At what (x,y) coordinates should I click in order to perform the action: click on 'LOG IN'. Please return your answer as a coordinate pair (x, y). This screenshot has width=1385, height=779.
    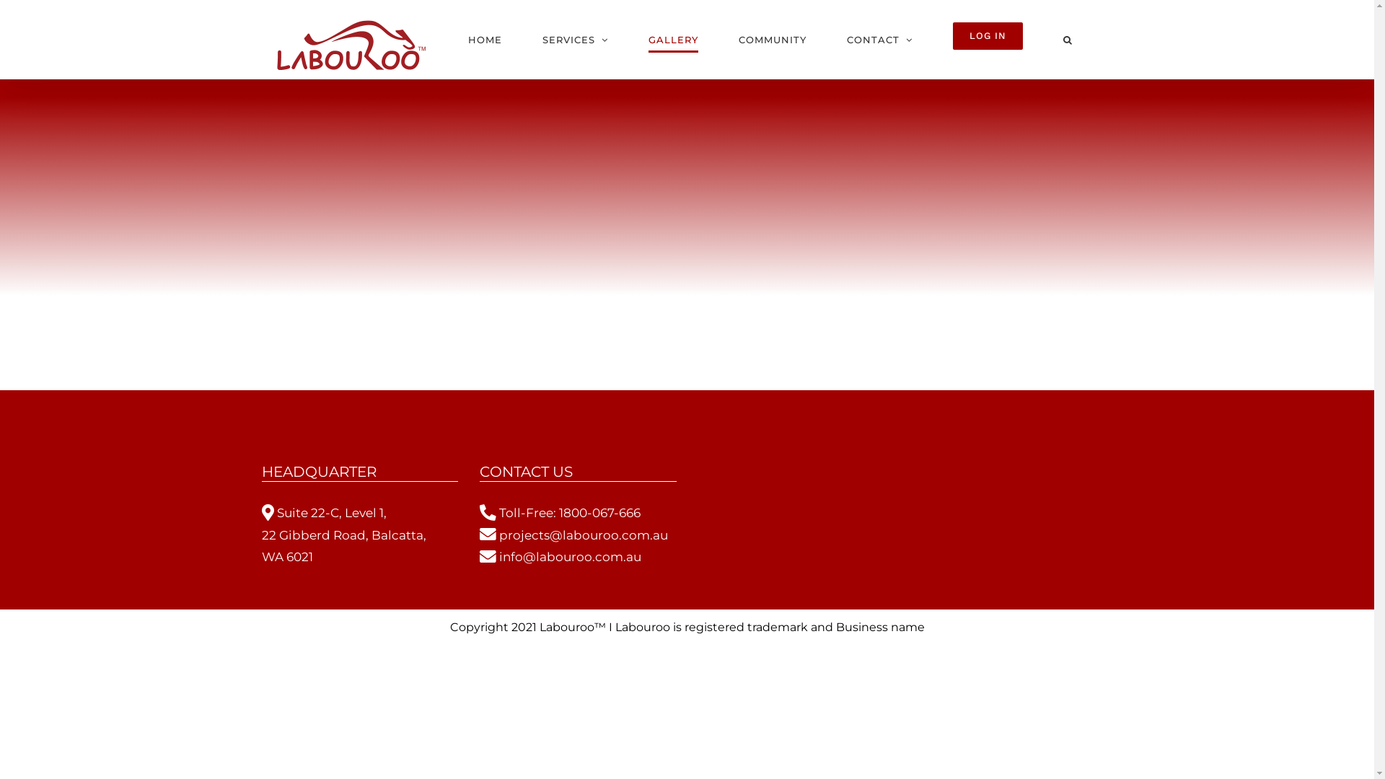
    Looking at the image, I should click on (986, 38).